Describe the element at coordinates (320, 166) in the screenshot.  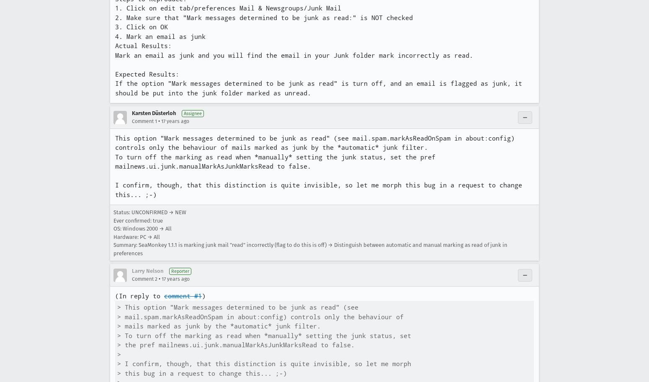
I see `'This option "Mark messages determined to be junk as read" (see mail.spam.markAsReadOnSpam in about:config) controls only the behaviour of mails marked as junk by the *automatic* junk filter.
To turn off the marking as read when *manually* setting the junk status, set the pref mailnews.ui.junk.manualMarkAsJunkMarksRead to false.

I confirm, though, that this distinction is quite invisible, so let me morph this bug in a request to change this... ;-)'` at that location.